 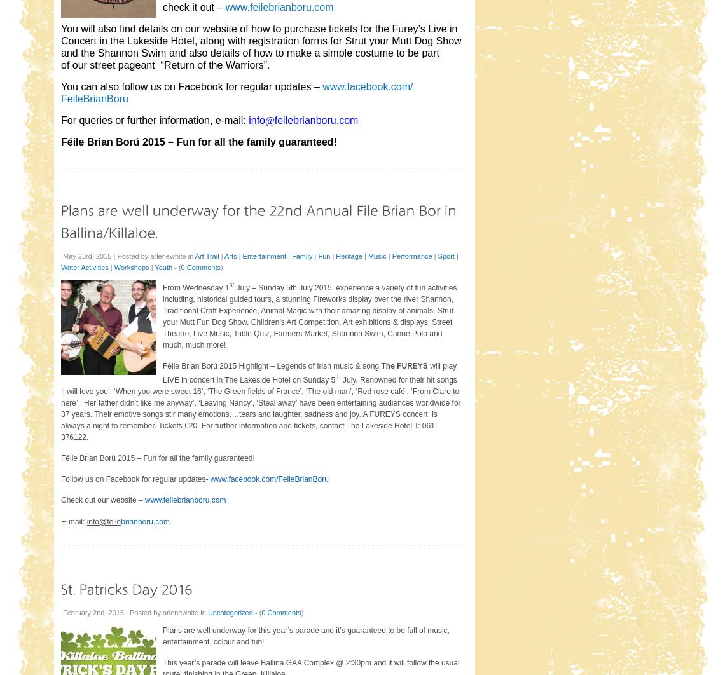 I want to click on 'Uncategorized', so click(x=229, y=611).